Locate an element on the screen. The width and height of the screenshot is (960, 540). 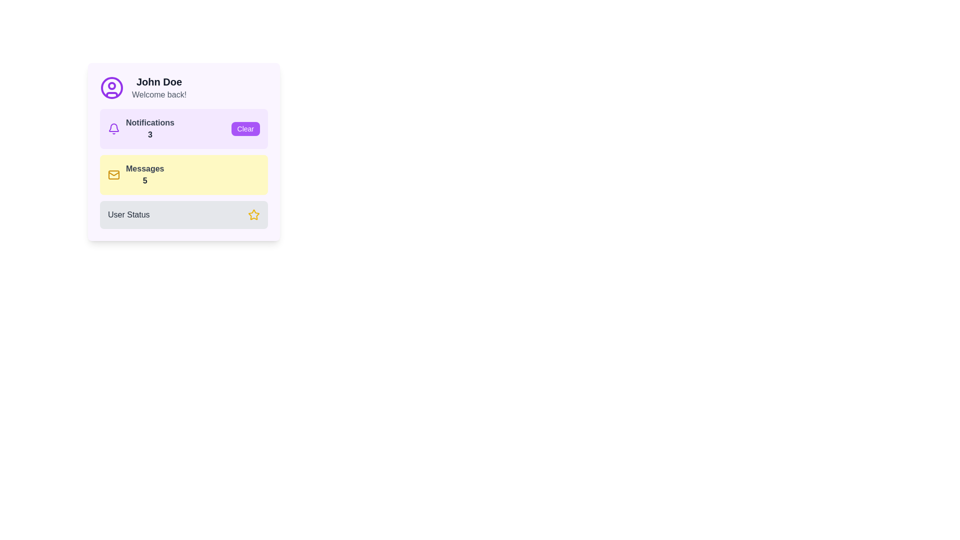
the clear notifications button located at the far right of the 'Notifications' section to change its color is located at coordinates (245, 128).